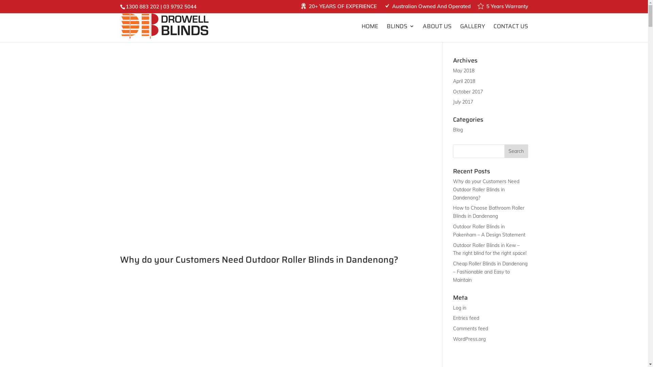 The image size is (653, 367). I want to click on 'BLINDS', so click(400, 33).